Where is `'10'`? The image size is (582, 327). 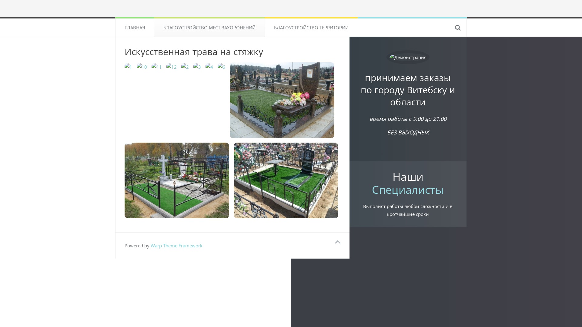 '10' is located at coordinates (142, 66).